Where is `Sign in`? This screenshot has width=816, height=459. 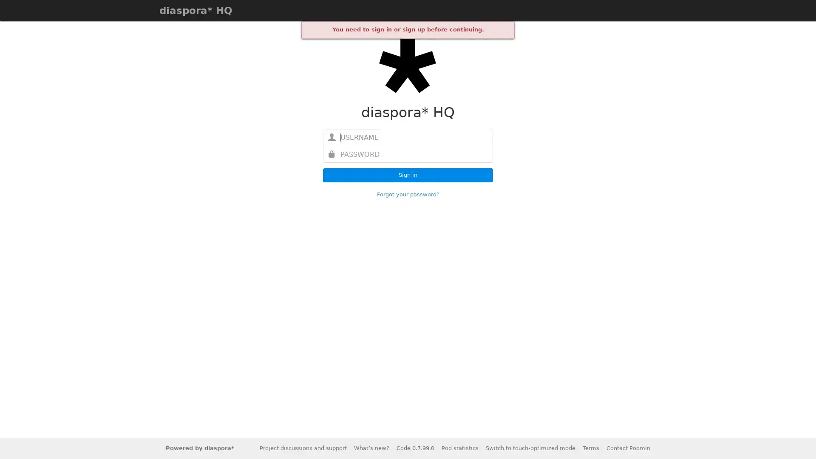
Sign in is located at coordinates (408, 175).